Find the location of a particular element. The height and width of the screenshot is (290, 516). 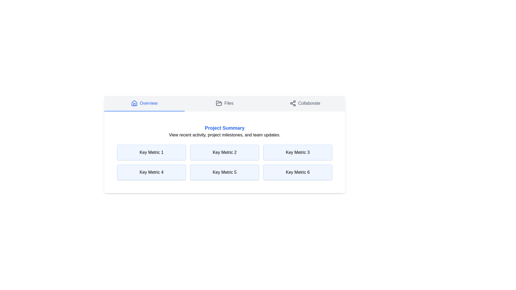

the Informational tile with a light blue background that displays the text 'Key Metric 4' in black, located in the second row and first column of a grid layout is located at coordinates (151, 172).